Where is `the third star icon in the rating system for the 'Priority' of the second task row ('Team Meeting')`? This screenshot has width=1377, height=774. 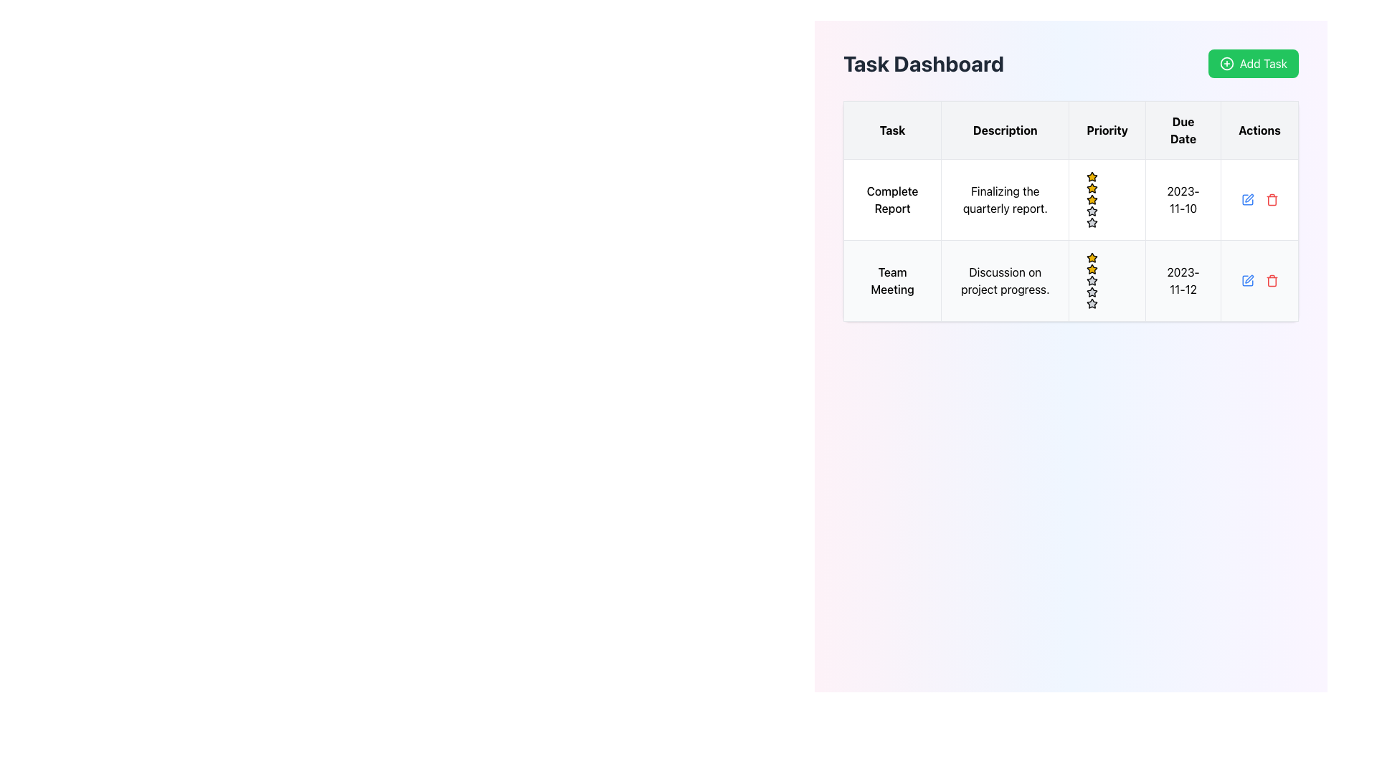
the third star icon in the rating system for the 'Priority' of the second task row ('Team Meeting') is located at coordinates (1092, 291).